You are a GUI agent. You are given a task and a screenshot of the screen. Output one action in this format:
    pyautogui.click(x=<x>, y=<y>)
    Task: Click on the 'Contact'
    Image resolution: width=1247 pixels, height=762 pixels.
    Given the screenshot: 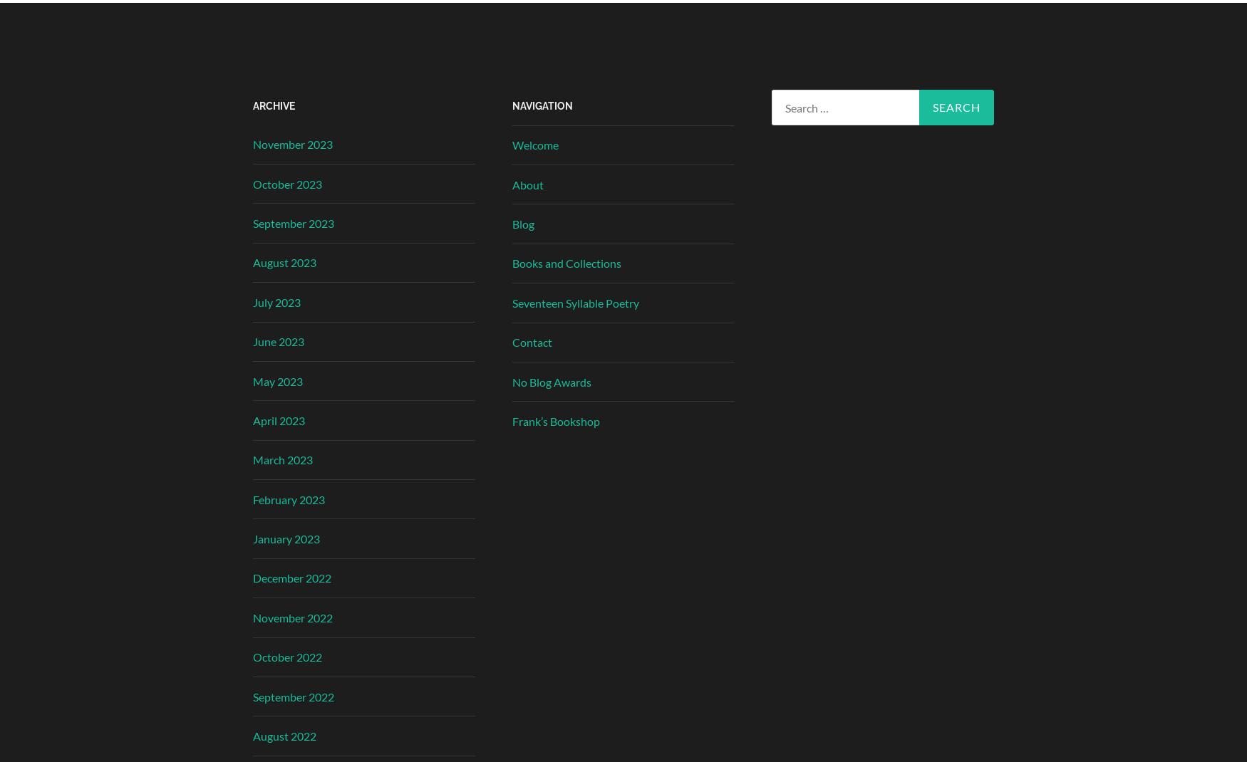 What is the action you would take?
    pyautogui.click(x=532, y=342)
    